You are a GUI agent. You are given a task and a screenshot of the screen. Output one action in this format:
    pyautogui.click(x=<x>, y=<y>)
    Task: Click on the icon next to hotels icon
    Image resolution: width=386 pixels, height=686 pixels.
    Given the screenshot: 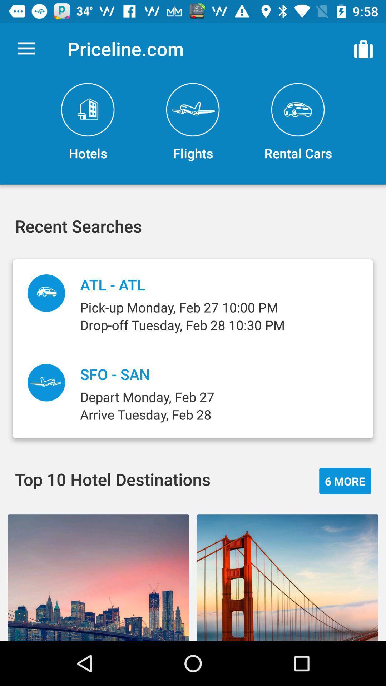 What is the action you would take?
    pyautogui.click(x=193, y=122)
    